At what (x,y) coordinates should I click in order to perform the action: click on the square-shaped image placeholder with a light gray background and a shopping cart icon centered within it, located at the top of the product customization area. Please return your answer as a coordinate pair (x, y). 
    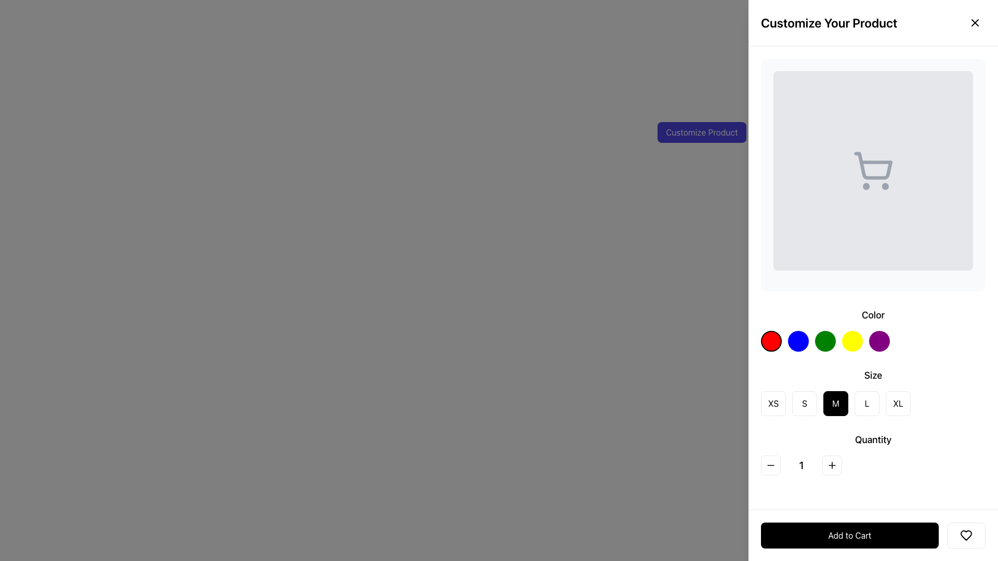
    Looking at the image, I should click on (873, 170).